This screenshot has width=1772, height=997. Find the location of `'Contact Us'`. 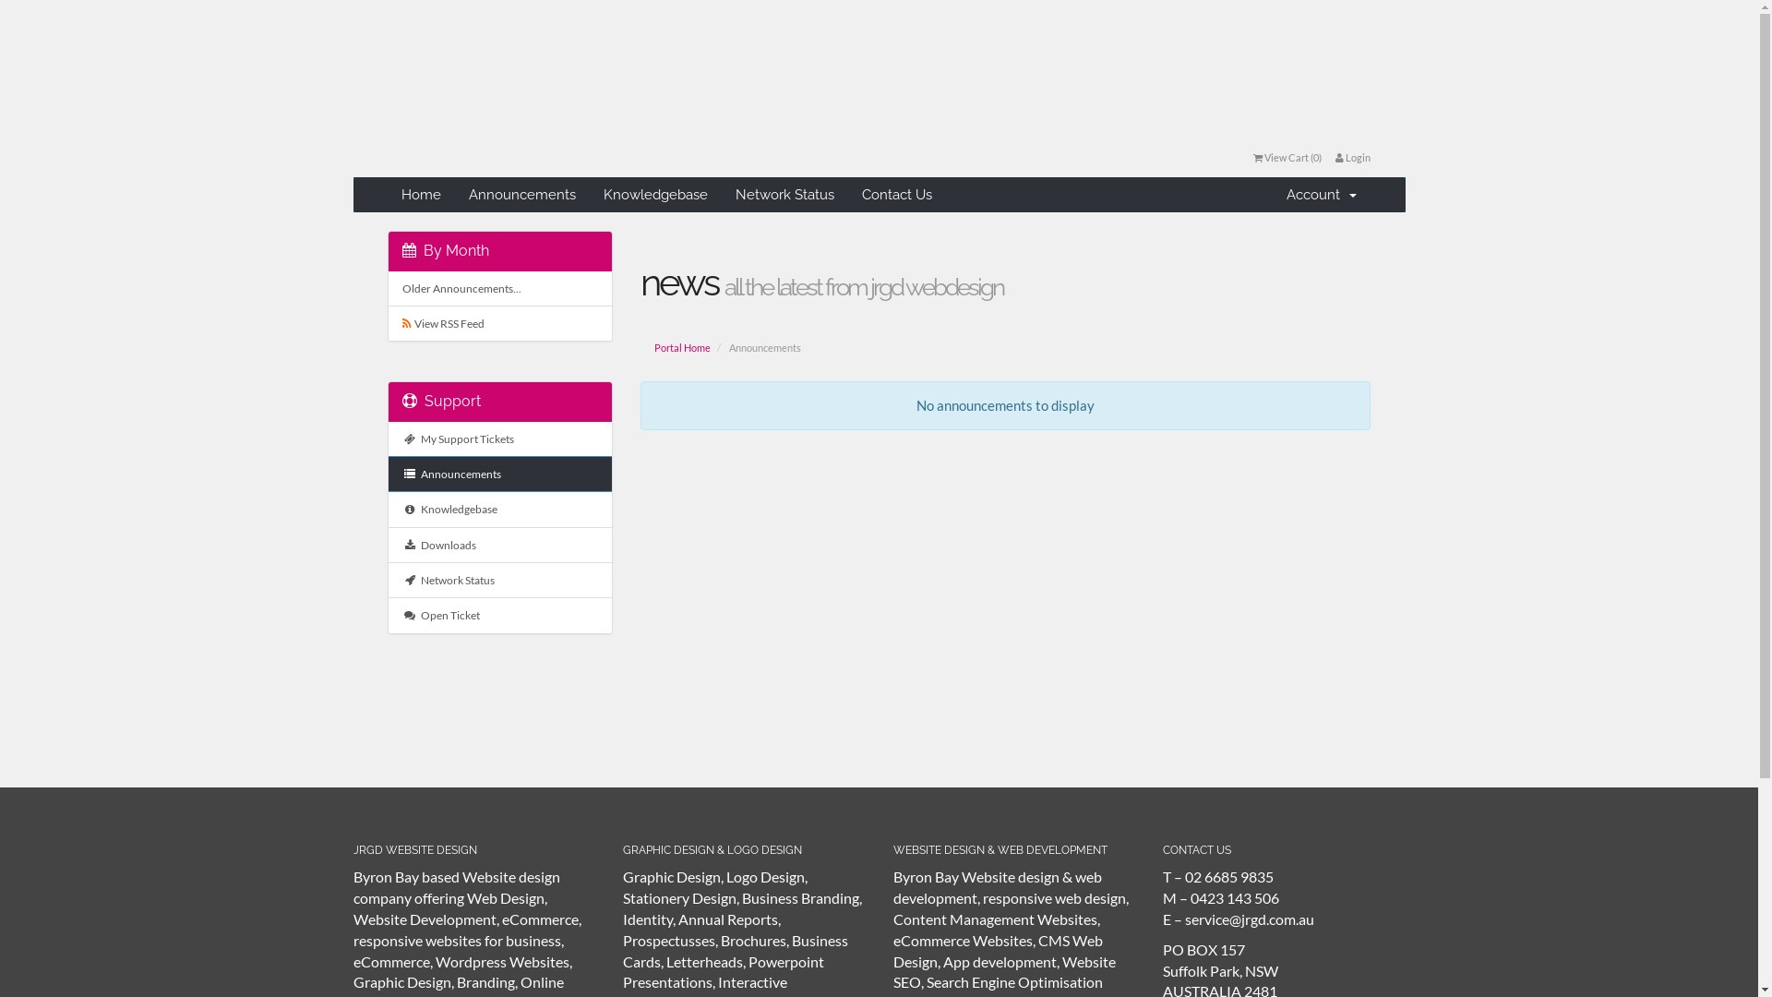

'Contact Us' is located at coordinates (896, 195).